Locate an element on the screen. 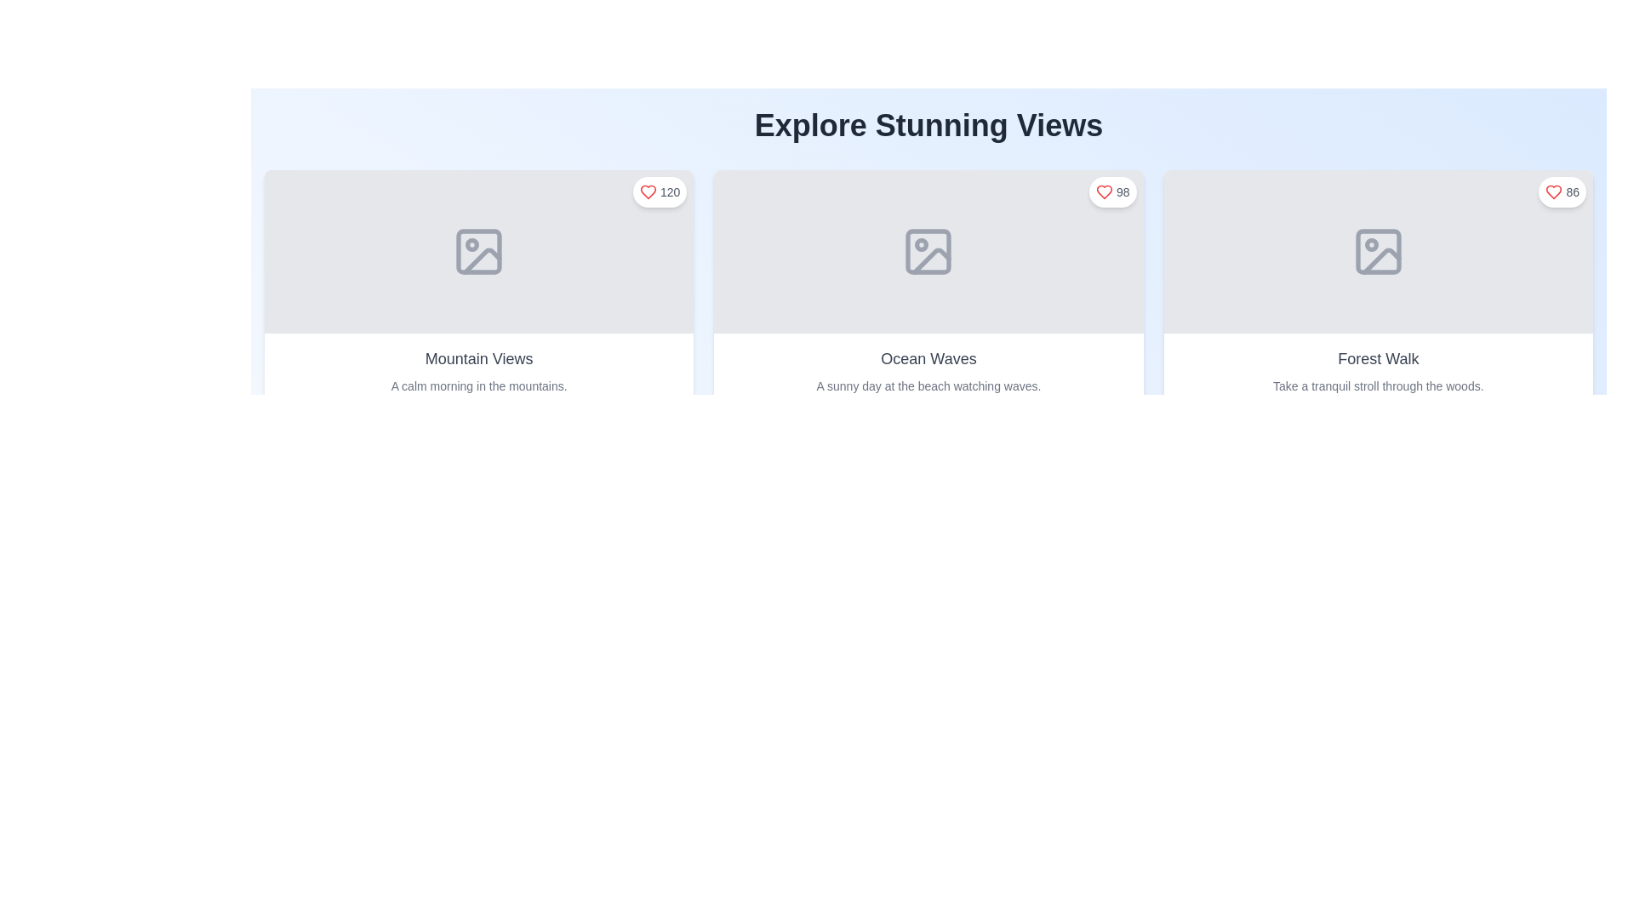 The image size is (1634, 919). the SVG icon representing an image symbol, styled in light gray, located at the top center of the 'Mountain Views' card is located at coordinates (478, 252).